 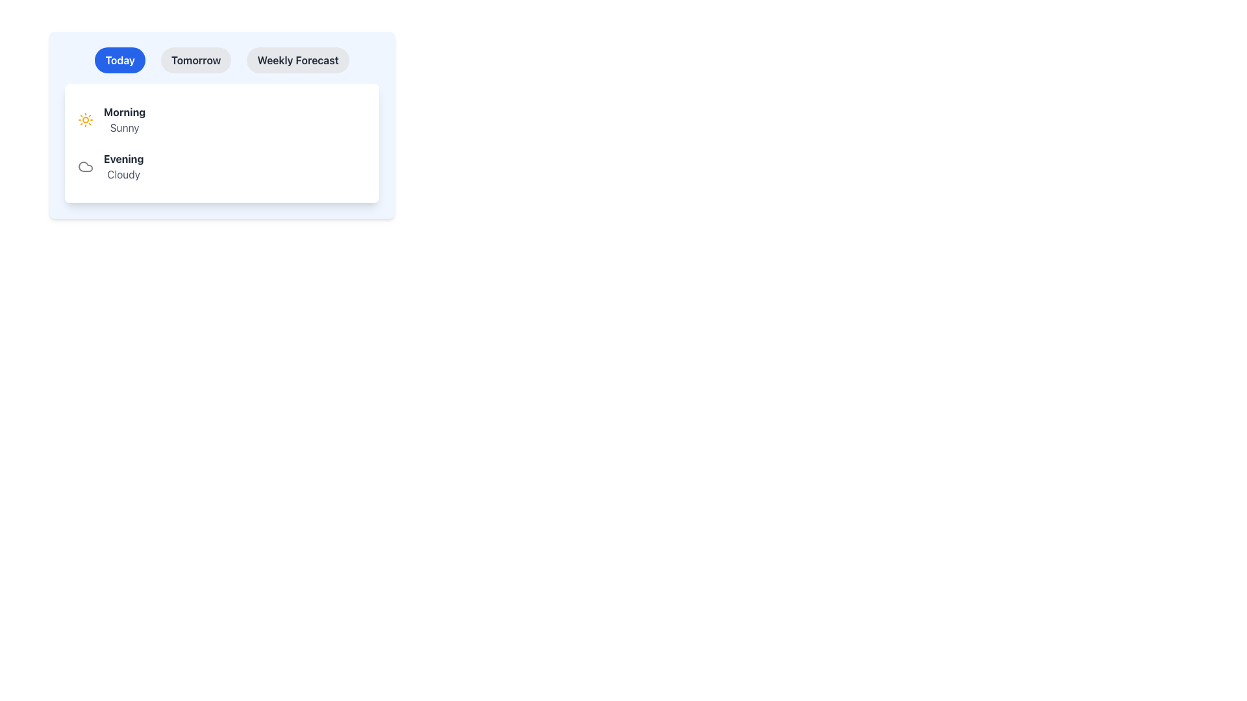 What do you see at coordinates (85, 120) in the screenshot?
I see `the sunny weather icon located in the top-left corner of the white panel representing 'Today’s' weather forecast, positioned to the left of the text labels 'Morning' and 'Sunny'` at bounding box center [85, 120].